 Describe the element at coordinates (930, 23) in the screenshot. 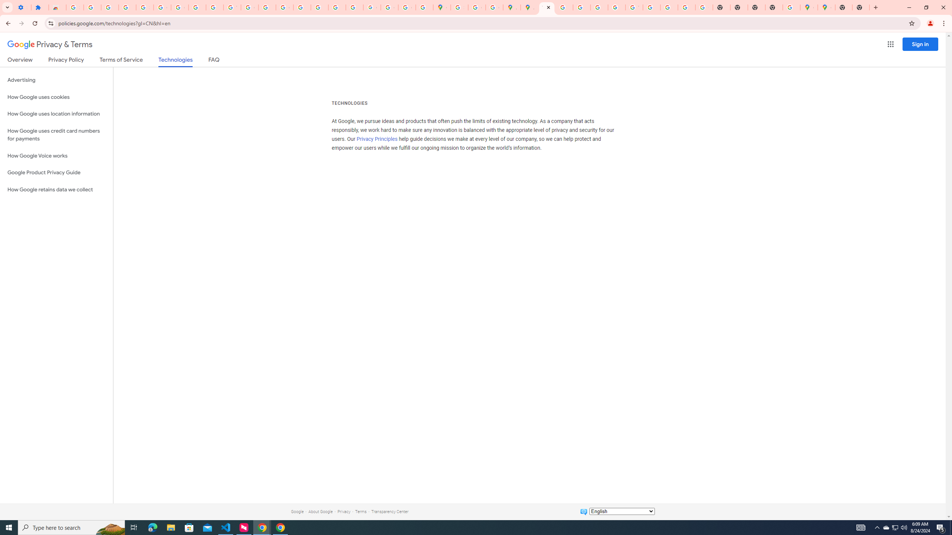

I see `'You'` at that location.